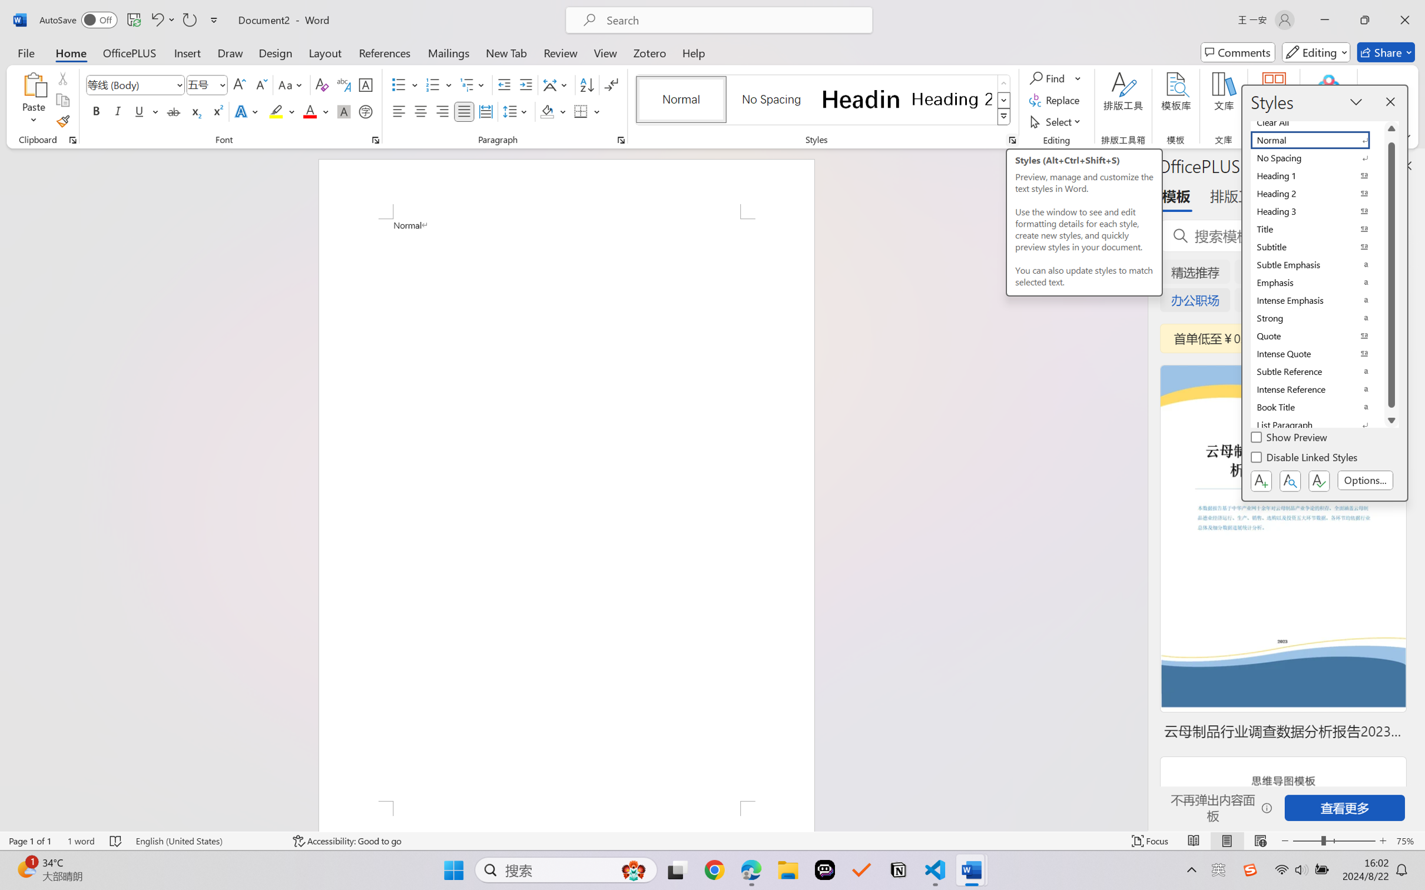 The image size is (1425, 890). I want to click on 'Line and Paragraph Spacing', so click(516, 111).